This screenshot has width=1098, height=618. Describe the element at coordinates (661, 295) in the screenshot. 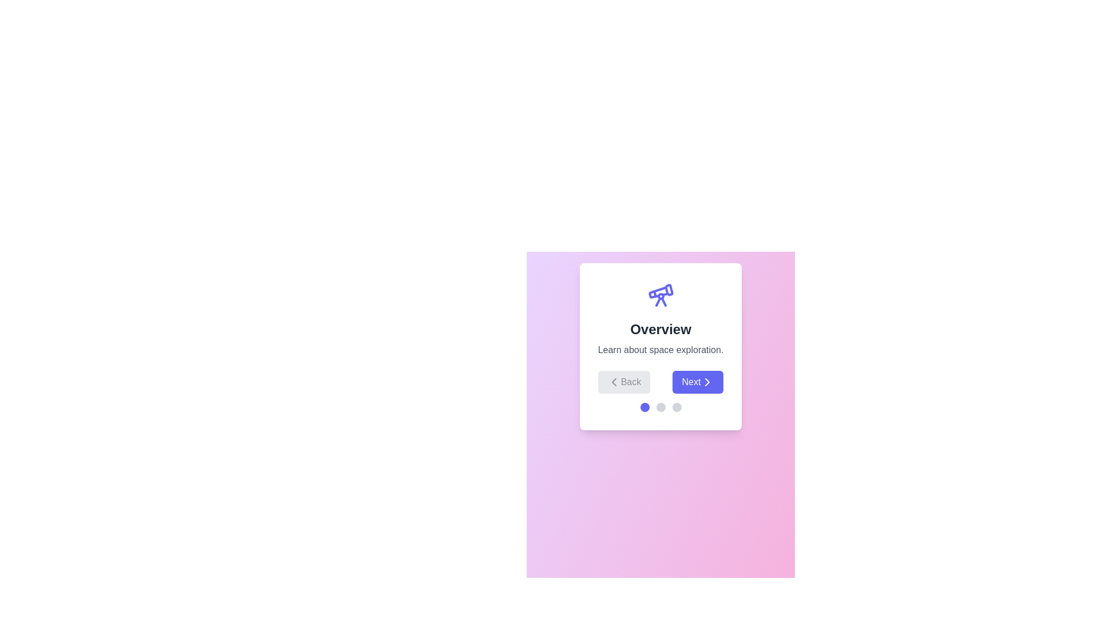

I see `the icon representing the current step to observe its details` at that location.